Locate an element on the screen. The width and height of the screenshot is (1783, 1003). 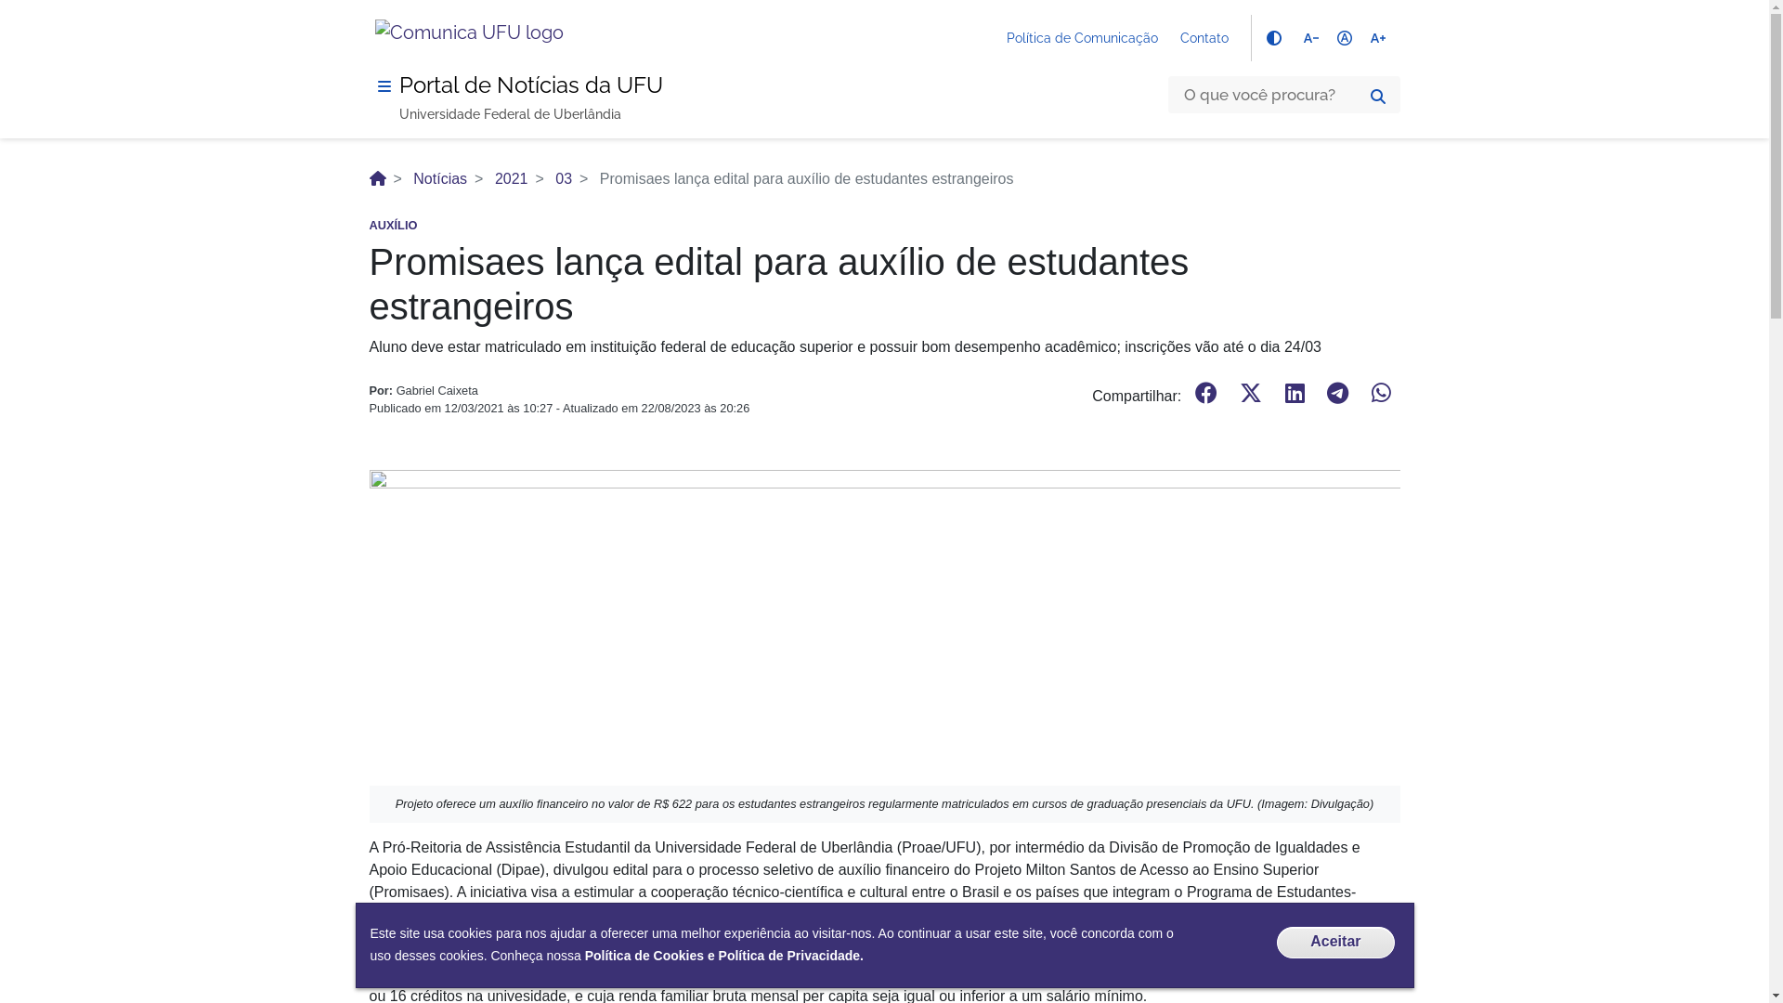
'Aceitar' is located at coordinates (1334, 942).